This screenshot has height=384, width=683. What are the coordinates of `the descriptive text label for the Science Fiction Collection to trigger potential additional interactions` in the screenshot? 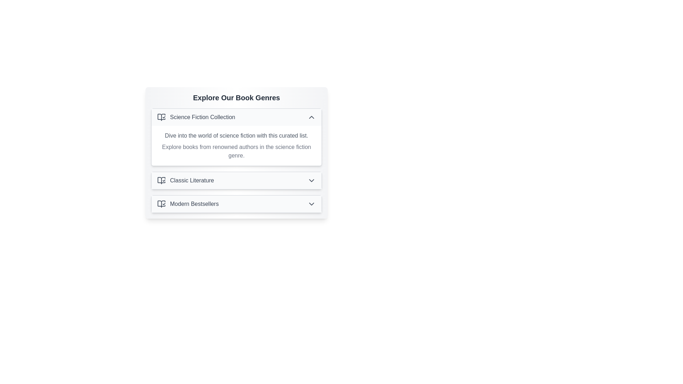 It's located at (237, 135).